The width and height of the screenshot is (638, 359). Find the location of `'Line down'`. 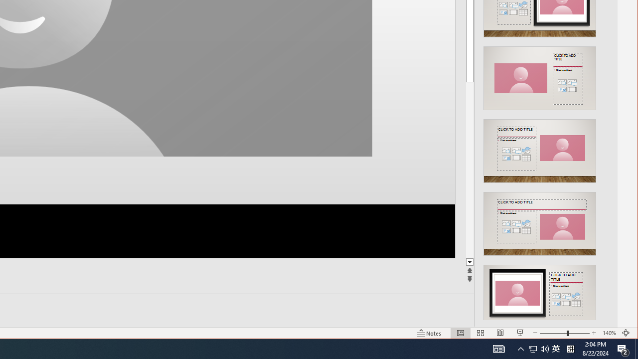

'Line down' is located at coordinates (469, 262).